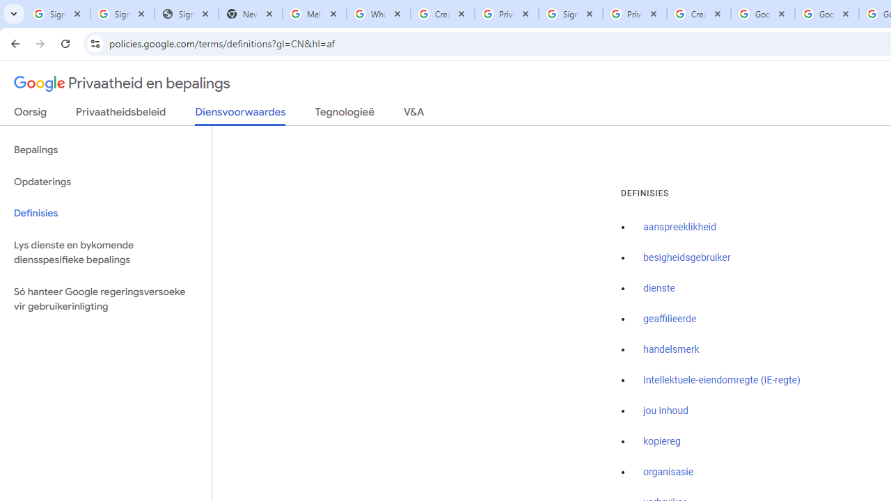 The width and height of the screenshot is (891, 501). What do you see at coordinates (679, 227) in the screenshot?
I see `'aanspreeklikheid'` at bounding box center [679, 227].